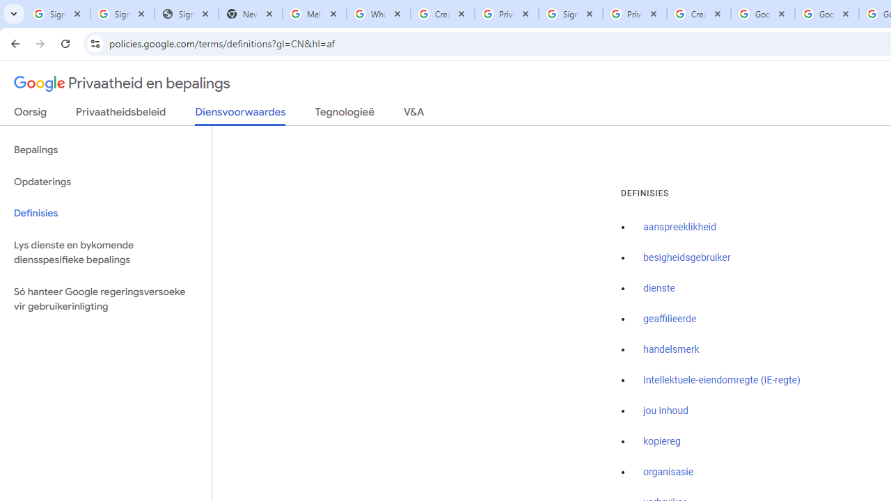 The width and height of the screenshot is (891, 501). What do you see at coordinates (679, 227) in the screenshot?
I see `'aanspreeklikheid'` at bounding box center [679, 227].